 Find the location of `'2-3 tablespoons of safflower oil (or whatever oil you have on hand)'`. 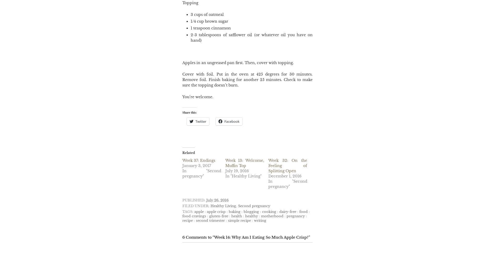

'2-3 tablespoons of safflower oil (or whatever oil you have on hand)' is located at coordinates (251, 37).